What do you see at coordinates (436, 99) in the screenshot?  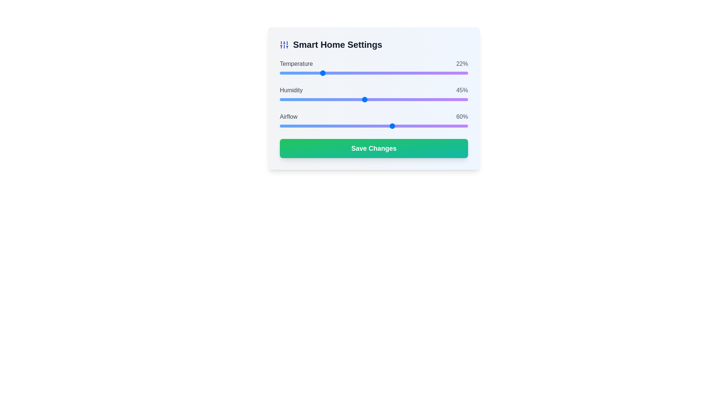 I see `the humidity level` at bounding box center [436, 99].